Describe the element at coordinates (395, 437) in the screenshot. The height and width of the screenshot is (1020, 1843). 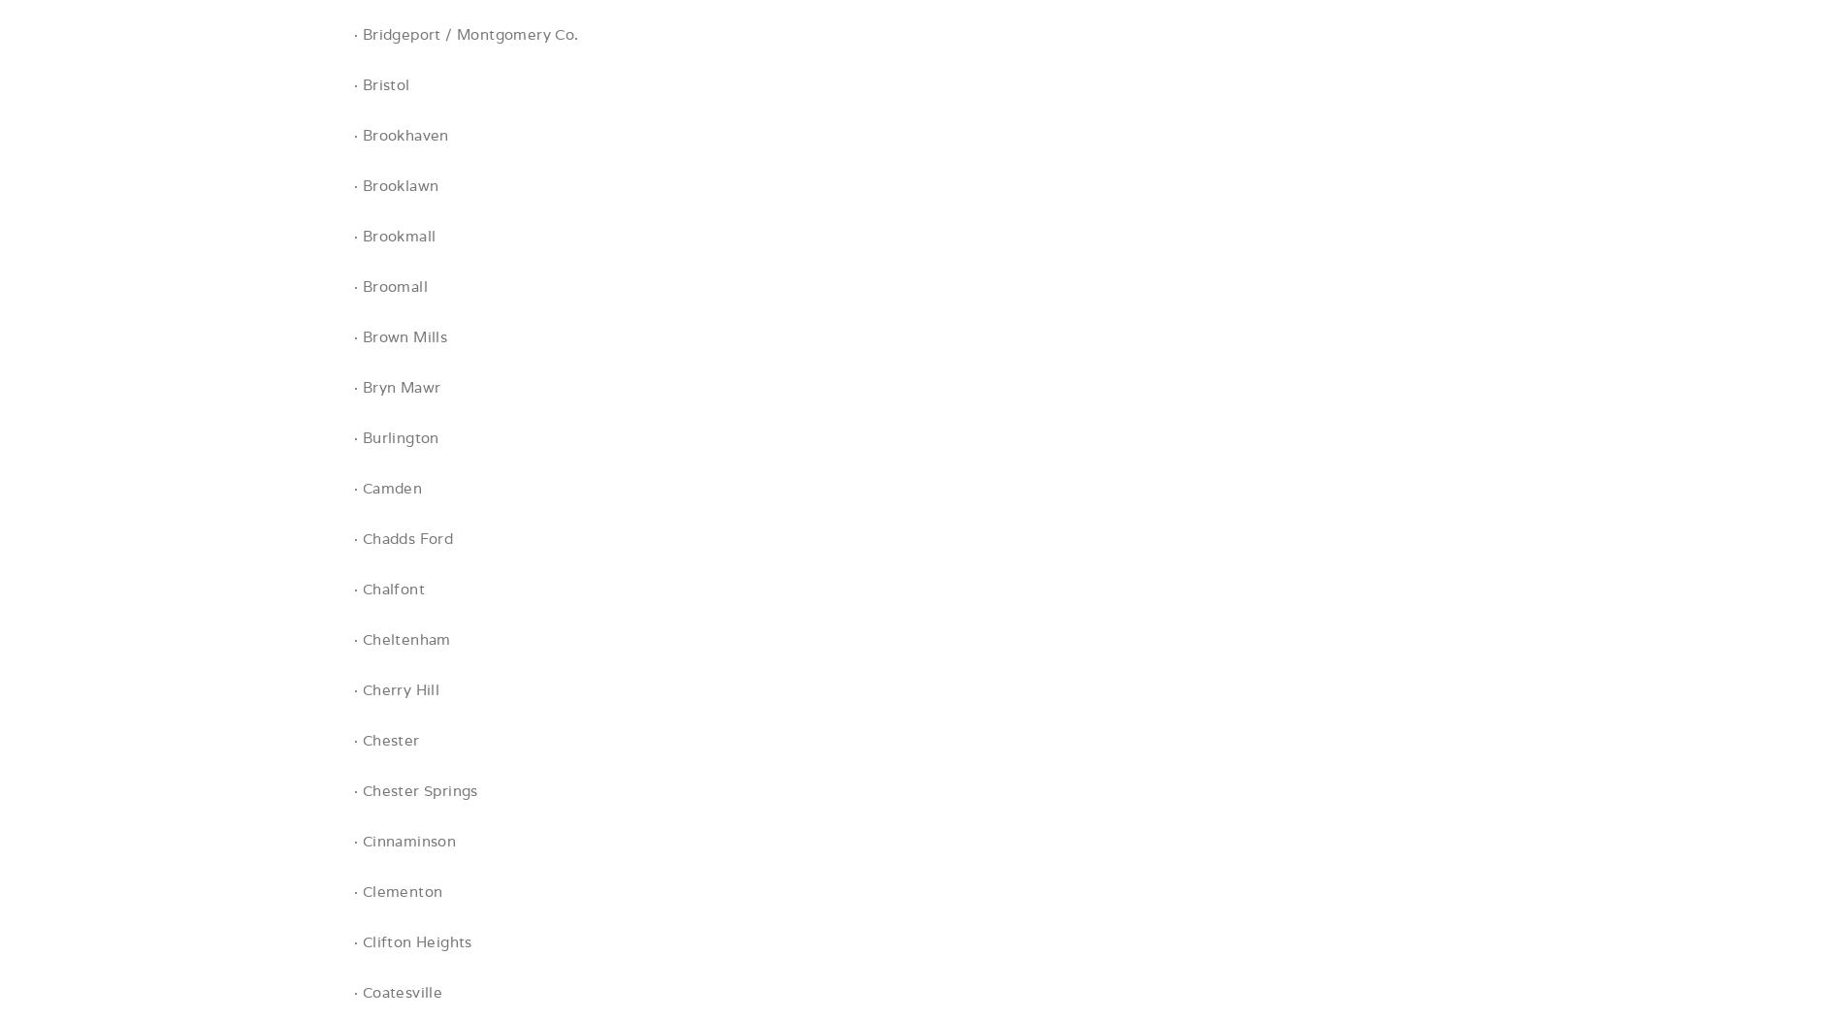
I see `'· Burlington'` at that location.